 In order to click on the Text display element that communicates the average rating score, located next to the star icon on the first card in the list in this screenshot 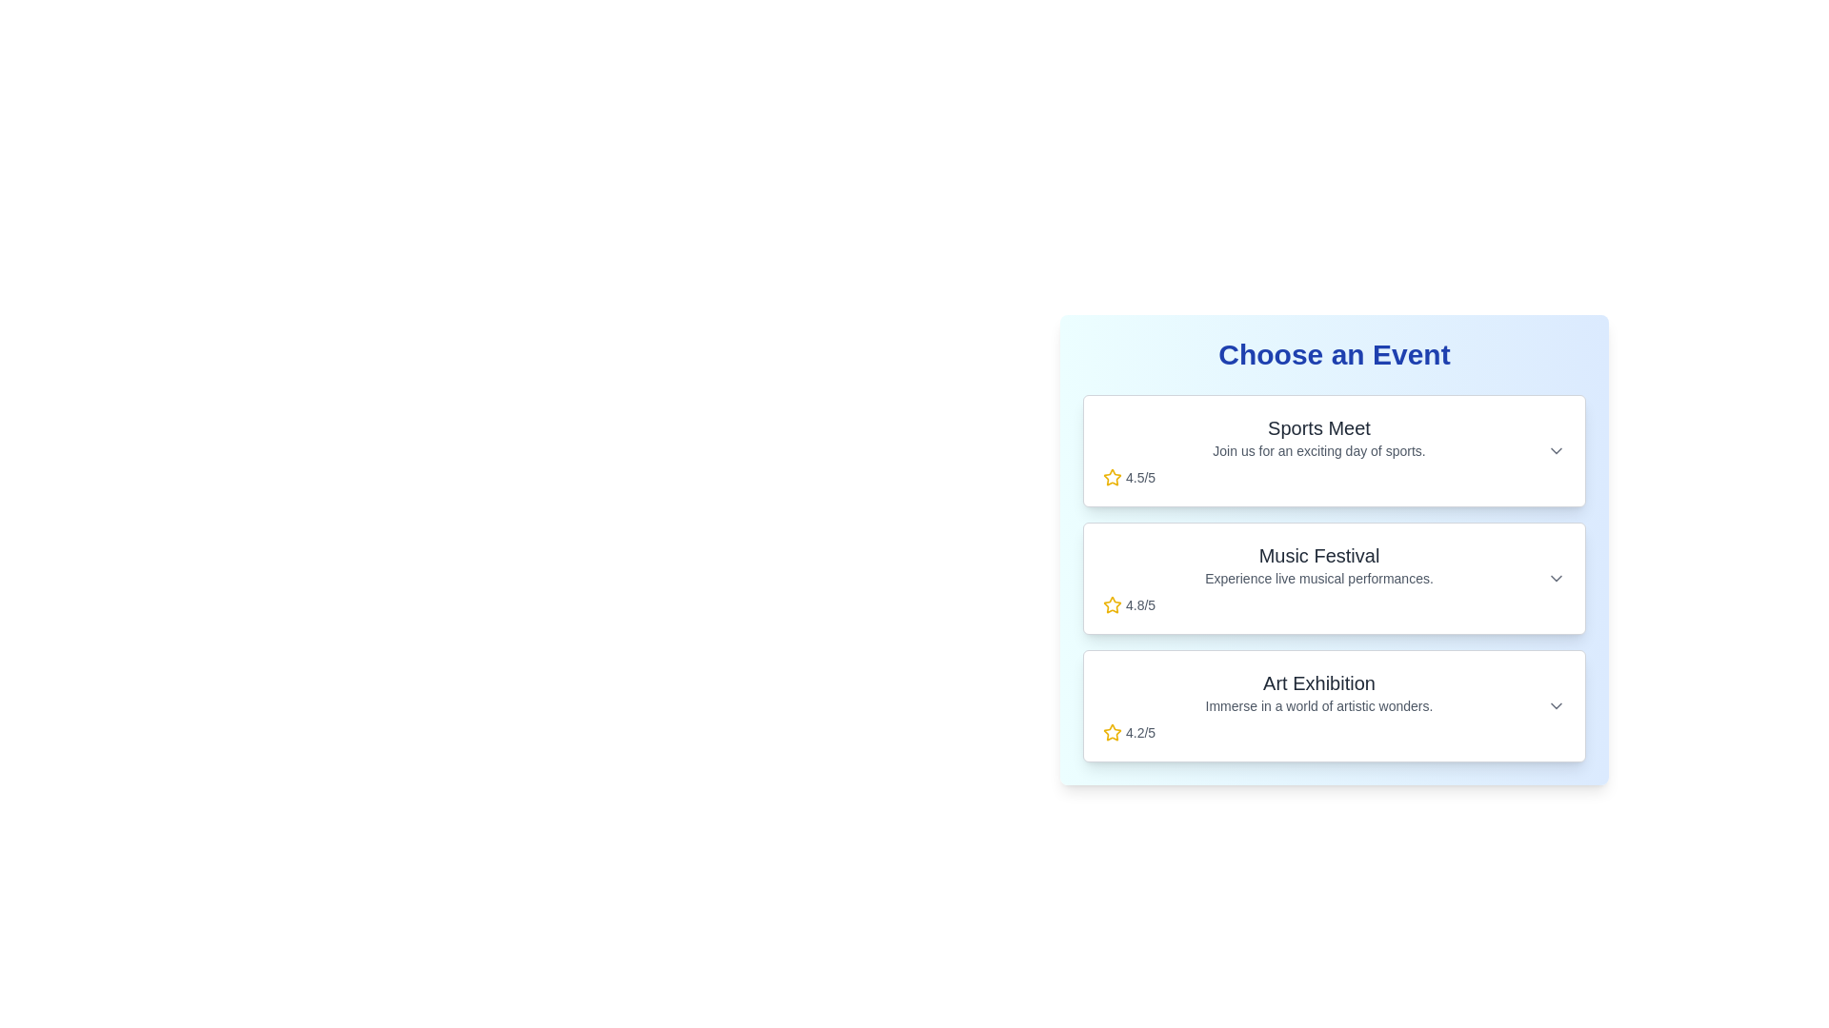, I will do `click(1140, 476)`.